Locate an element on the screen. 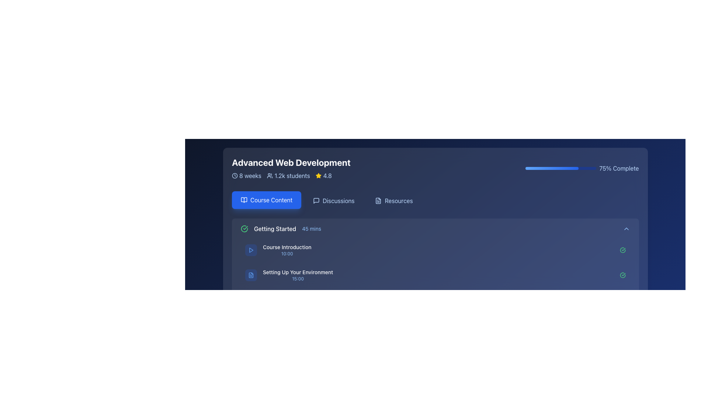 This screenshot has width=708, height=398. the text displaying the number of students enrolled in the course is located at coordinates (288, 176).